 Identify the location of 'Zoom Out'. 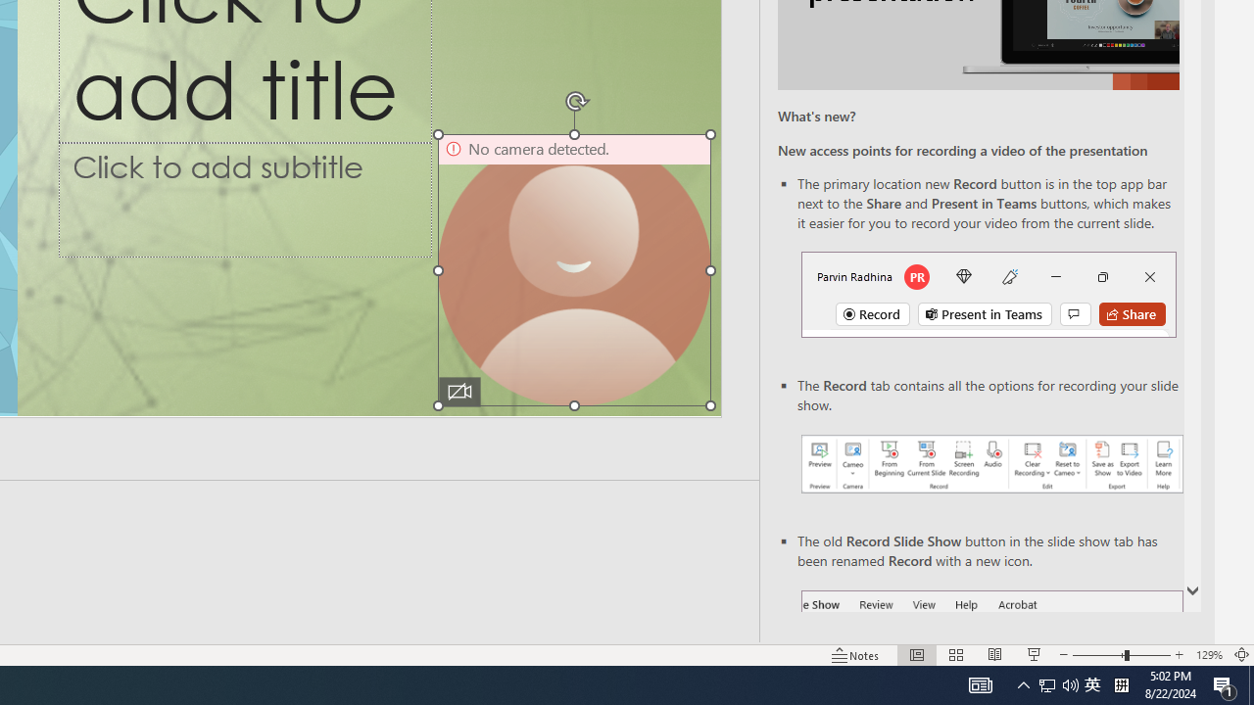
(1098, 655).